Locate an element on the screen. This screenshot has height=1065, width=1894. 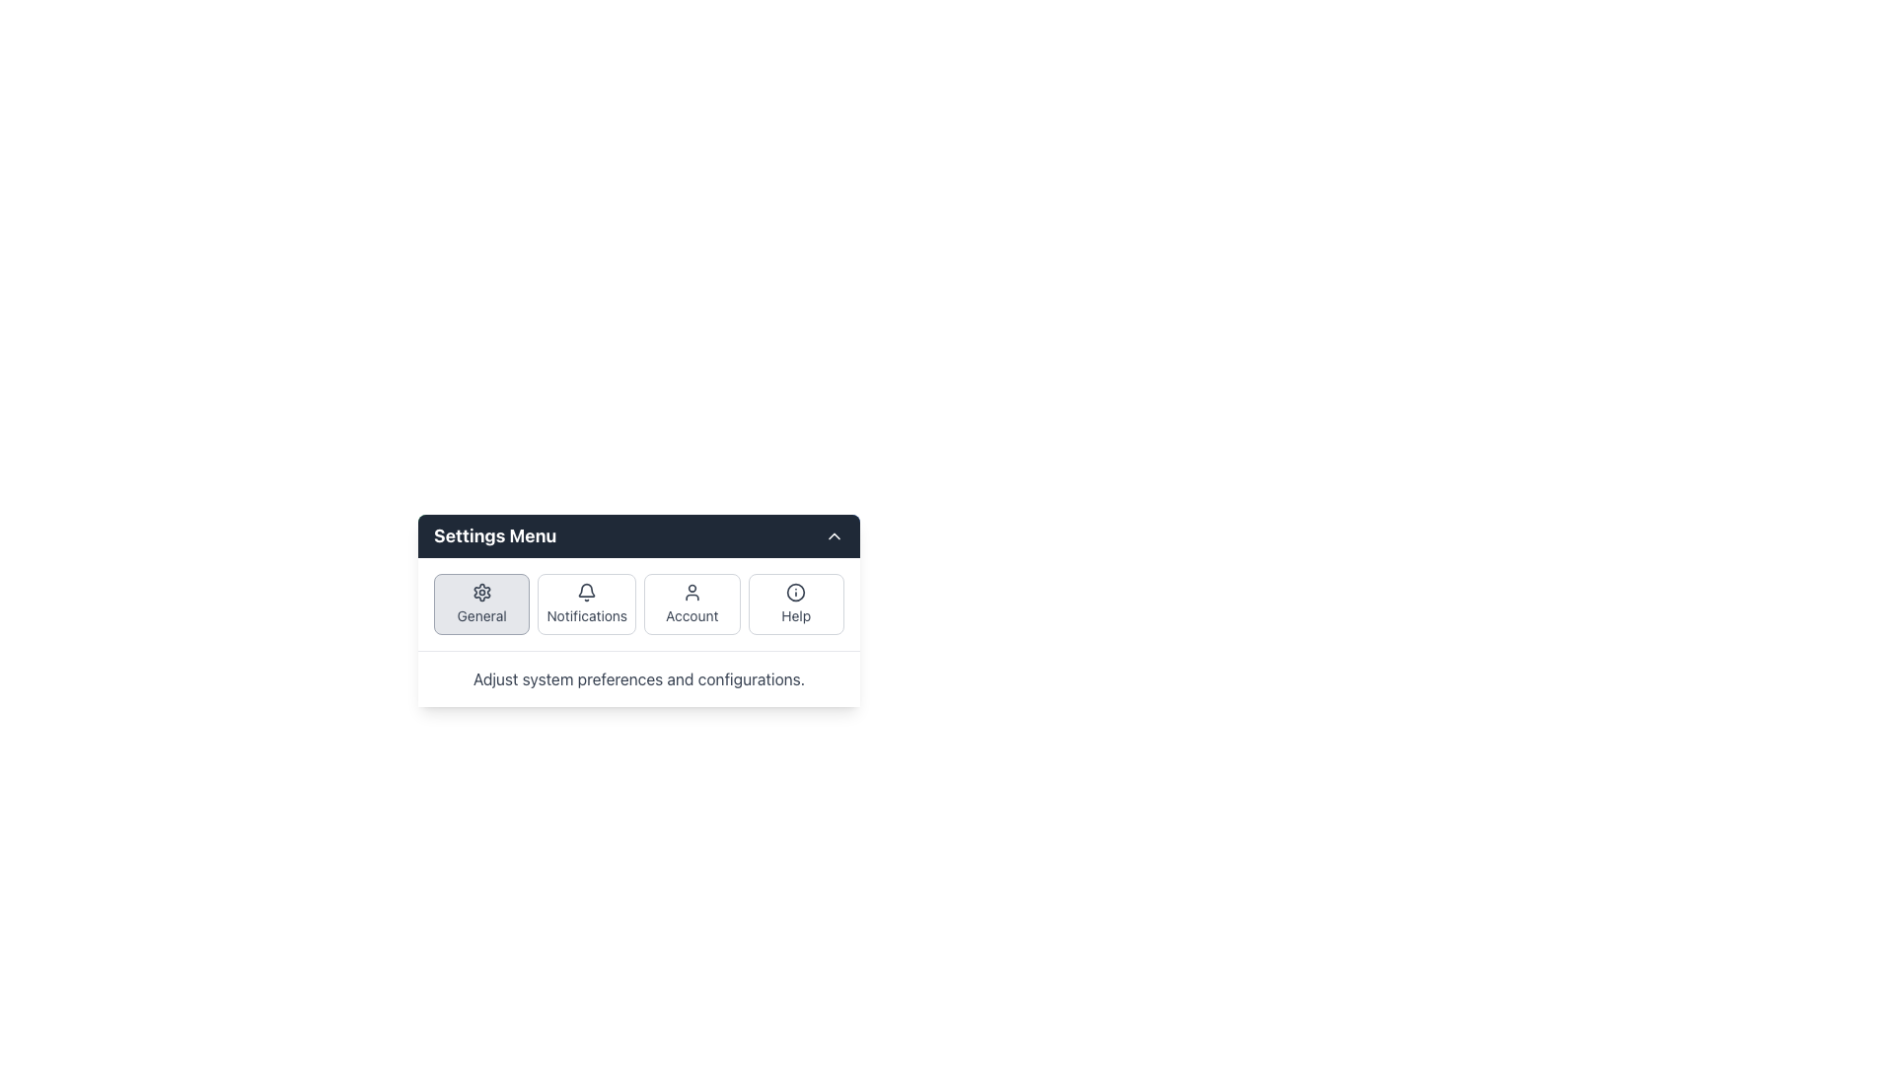
the small upward arrow icon button located at the top right of the Settings Menu bar is located at coordinates (834, 535).